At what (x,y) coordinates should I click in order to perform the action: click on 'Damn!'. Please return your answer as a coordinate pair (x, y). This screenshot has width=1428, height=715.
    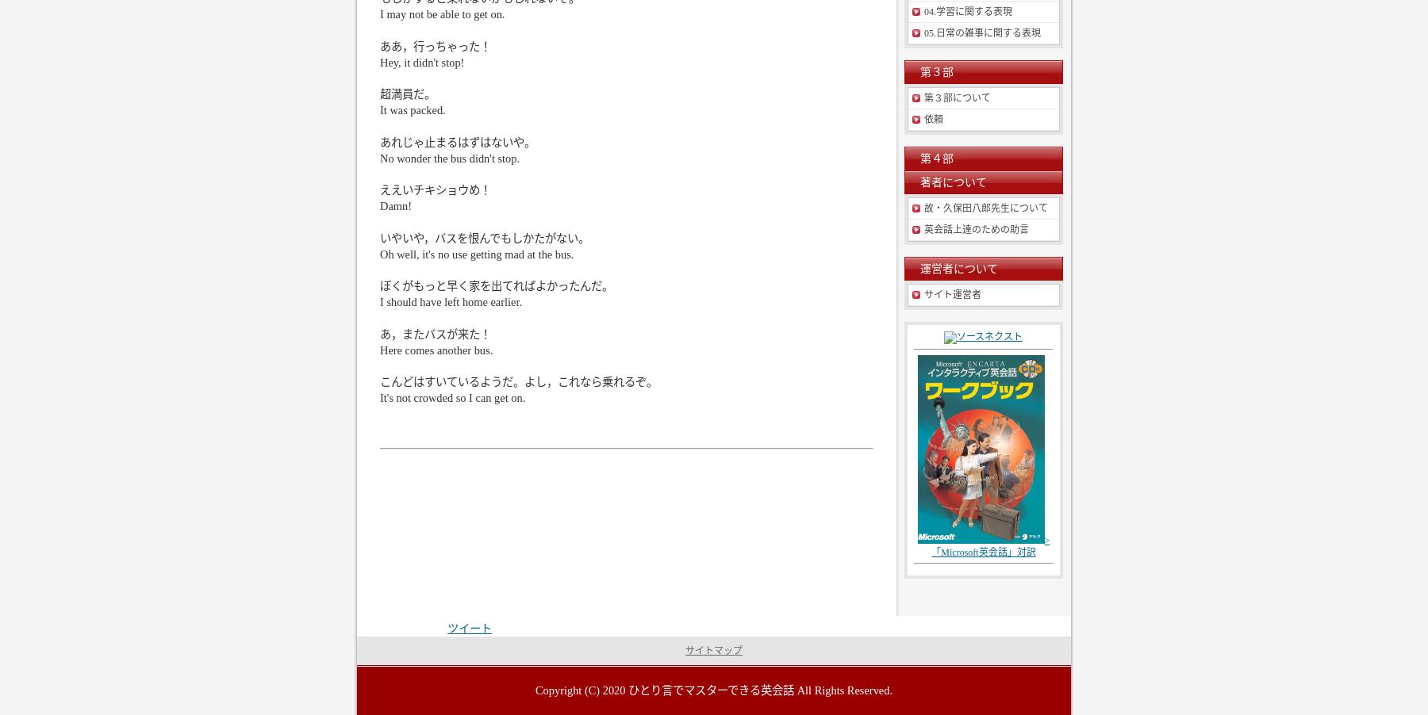
    Looking at the image, I should click on (378, 205).